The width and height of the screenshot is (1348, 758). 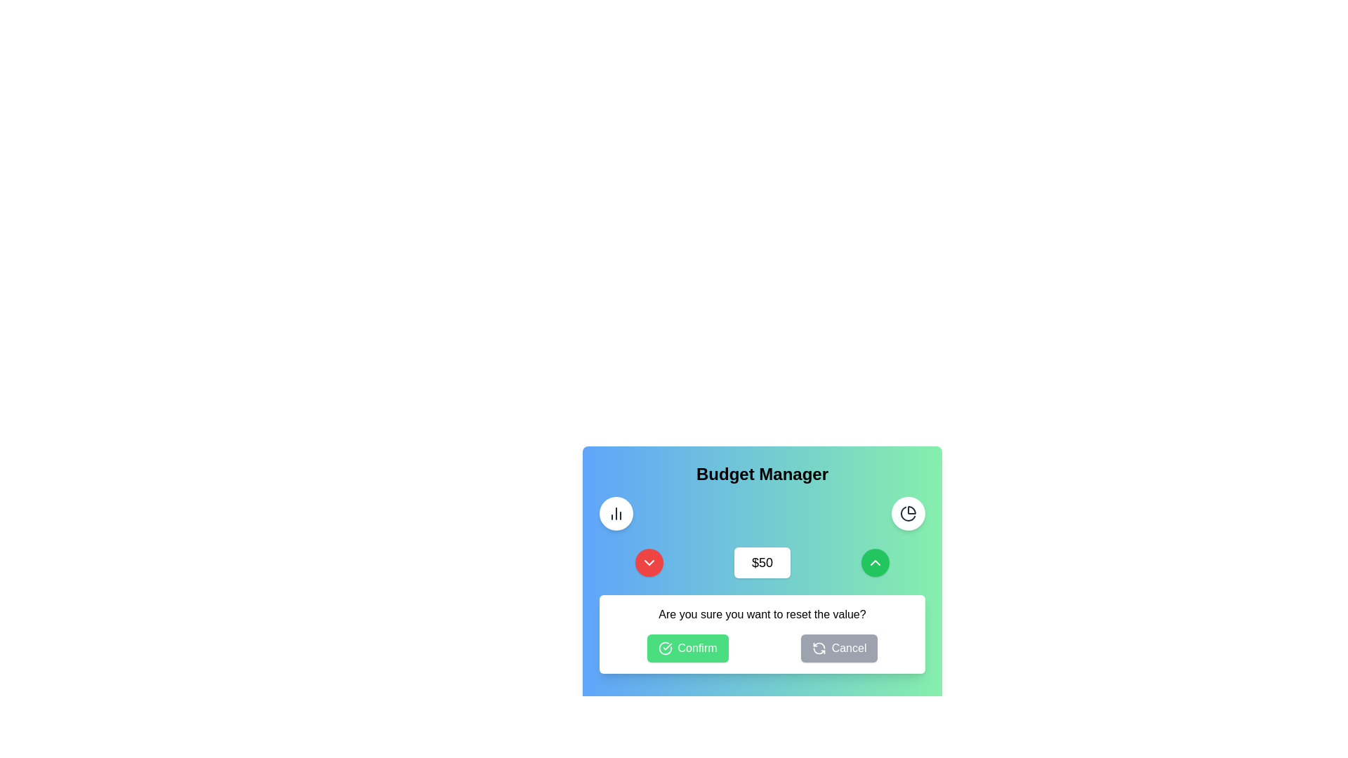 I want to click on the rectangular static text display box showing the value '$50' to focus on it, so click(x=761, y=562).